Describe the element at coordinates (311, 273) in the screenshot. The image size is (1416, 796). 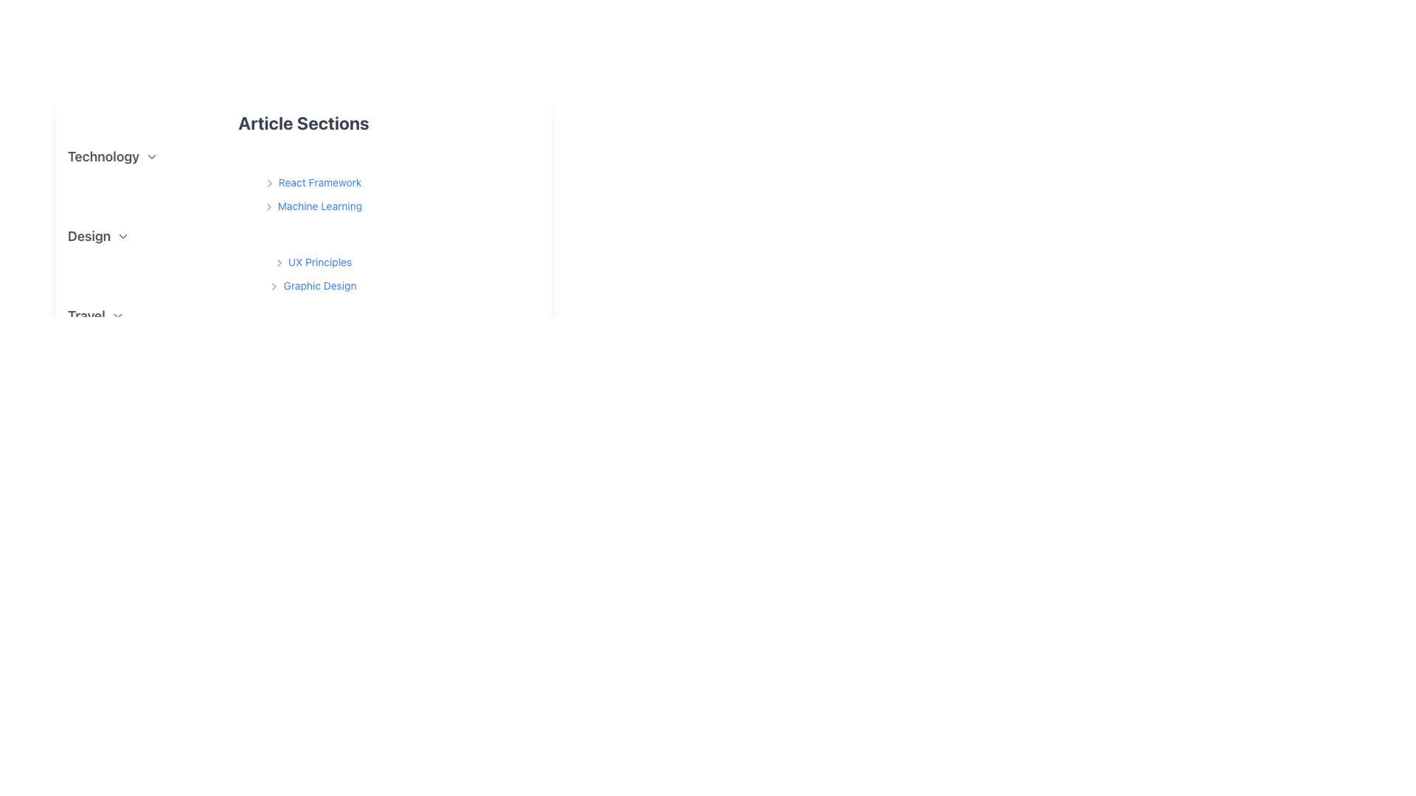
I see `the 'UX Principles' link in the Navigation Menu located under the 'Design' section` at that location.